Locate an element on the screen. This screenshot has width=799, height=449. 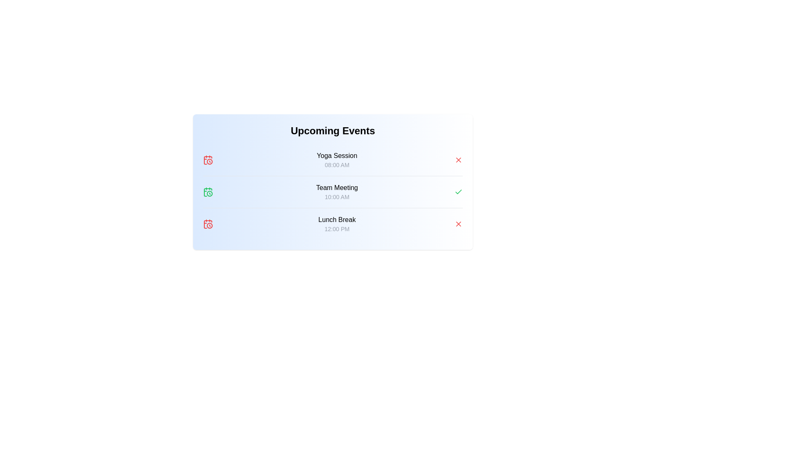
the red calendar icon with a clock in the first row of the 'Upcoming Events' list, located to the left of the 'Yoga Session' text label is located at coordinates (208, 160).